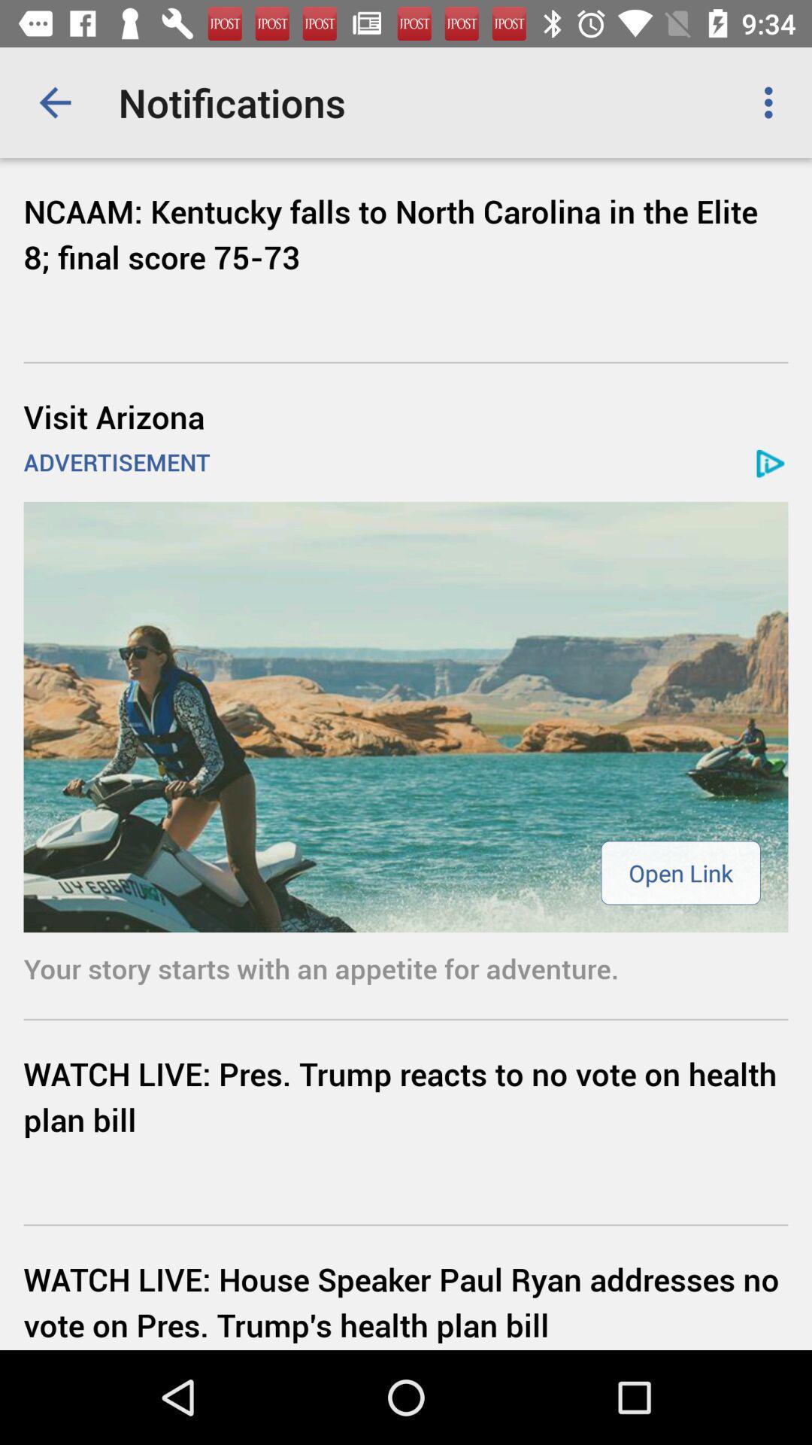 This screenshot has height=1445, width=812. Describe the element at coordinates (406, 416) in the screenshot. I see `icon below ncaam kentucky falls icon` at that location.